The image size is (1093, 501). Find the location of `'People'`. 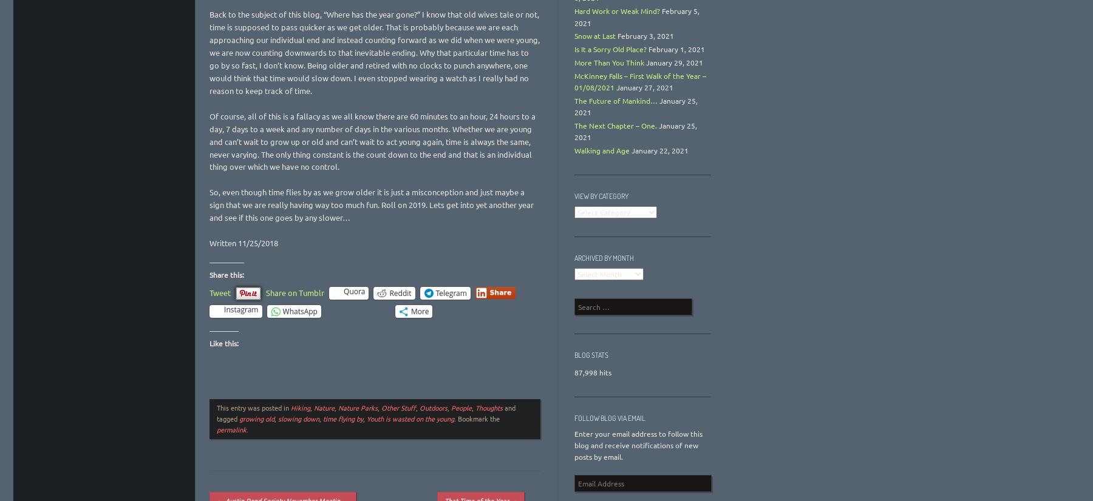

'People' is located at coordinates (460, 408).